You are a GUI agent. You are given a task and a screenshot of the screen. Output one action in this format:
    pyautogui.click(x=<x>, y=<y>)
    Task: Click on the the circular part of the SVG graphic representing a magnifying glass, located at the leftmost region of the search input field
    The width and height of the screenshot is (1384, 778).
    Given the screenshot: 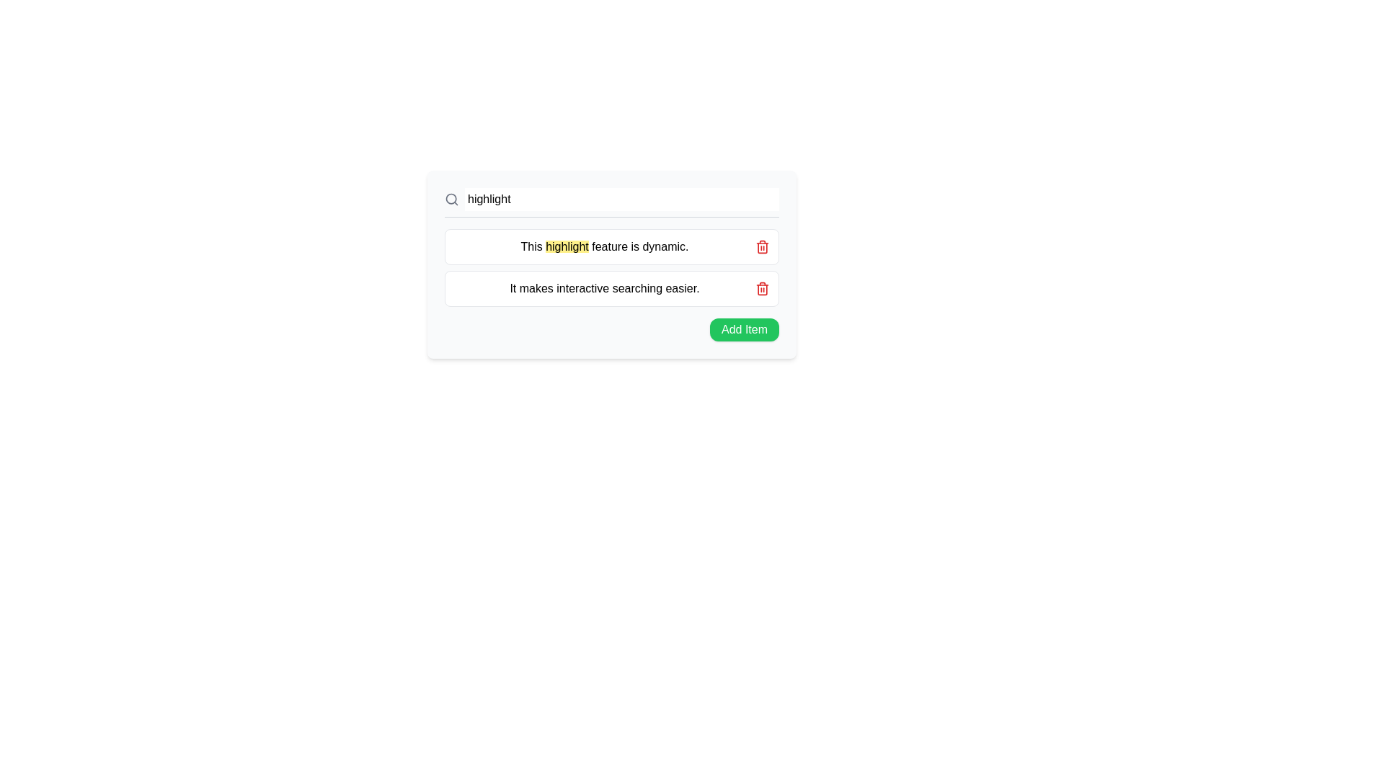 What is the action you would take?
    pyautogui.click(x=451, y=199)
    